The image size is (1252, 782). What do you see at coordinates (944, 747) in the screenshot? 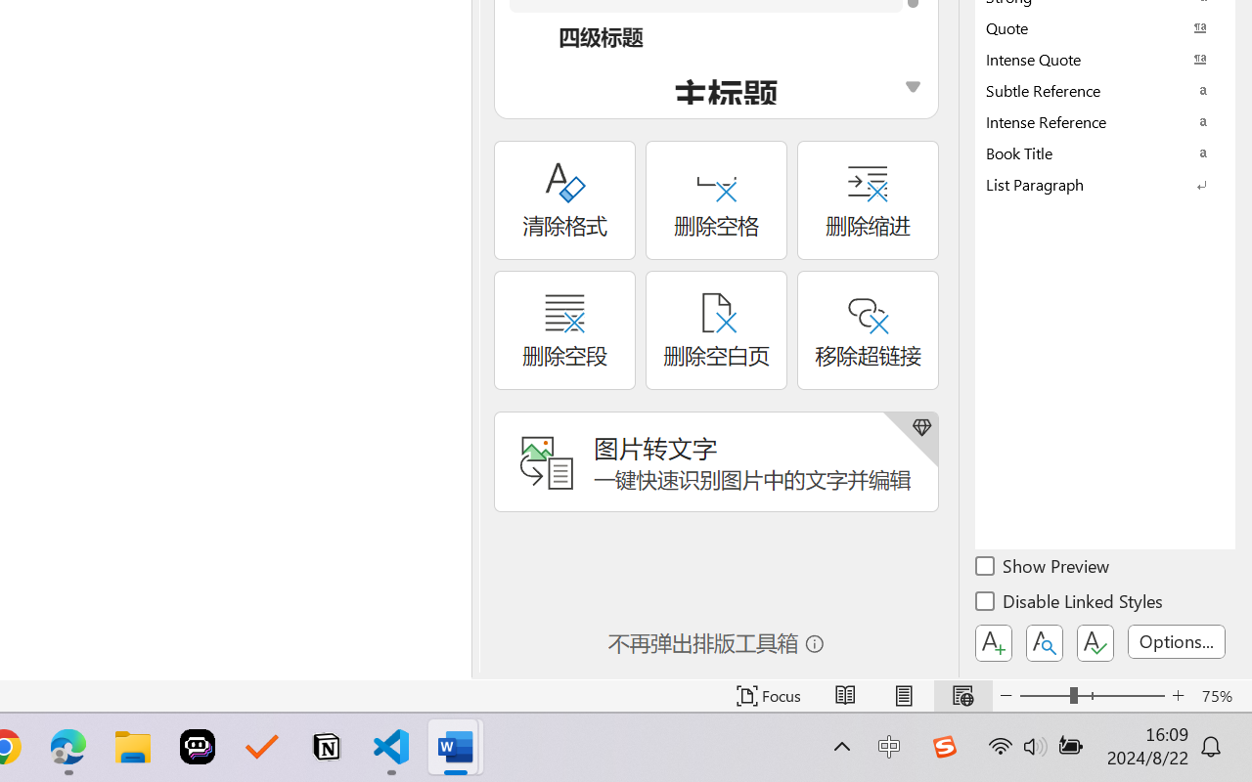
I see `'Class: Image'` at bounding box center [944, 747].